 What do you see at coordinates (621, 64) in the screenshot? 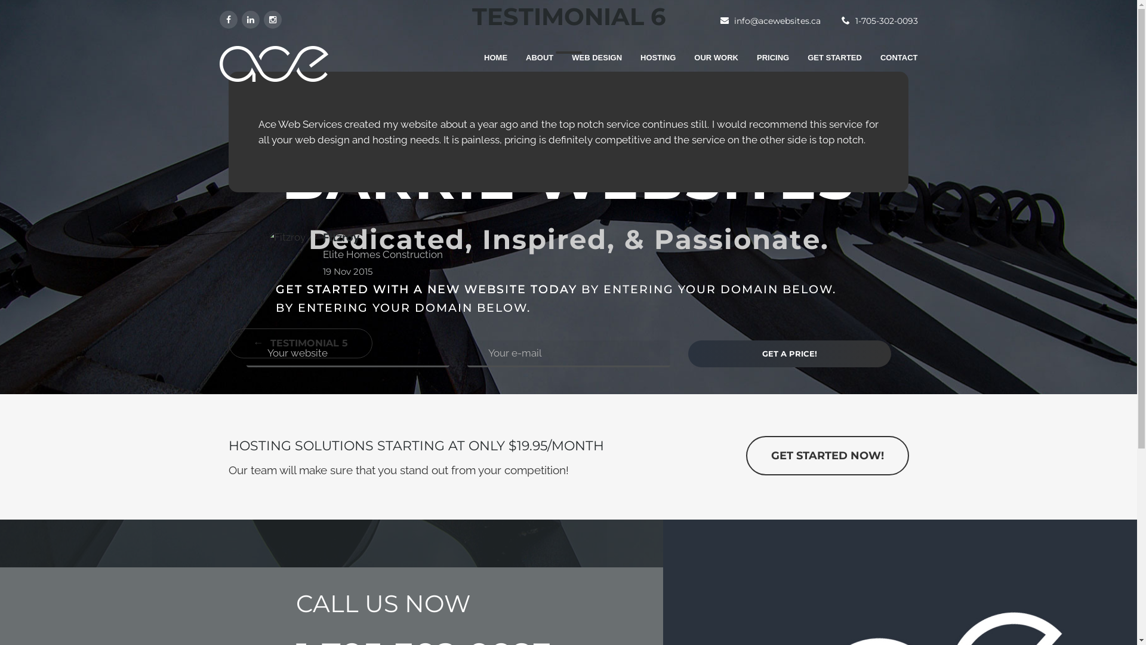
I see `'HOSTING'` at bounding box center [621, 64].